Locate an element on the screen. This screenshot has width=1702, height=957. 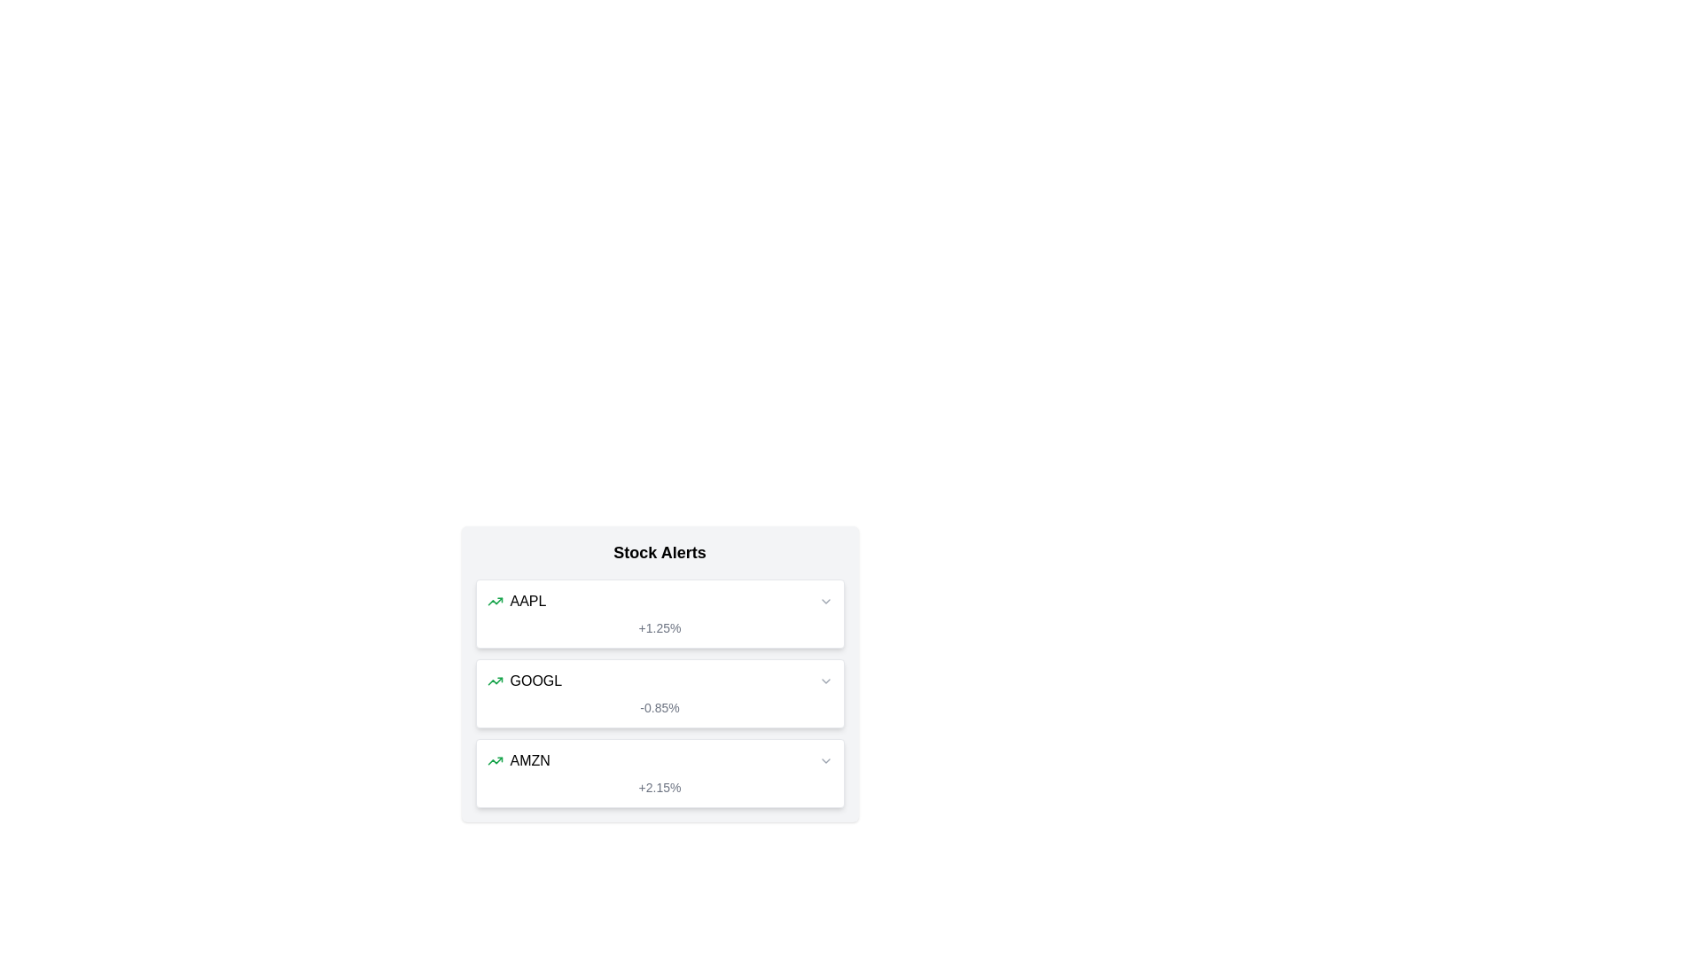
the upward trend icon within the AMZN stock card, which is the third item in a vertical list of stock cards, featuring a white background and rounded corners is located at coordinates (659, 772).